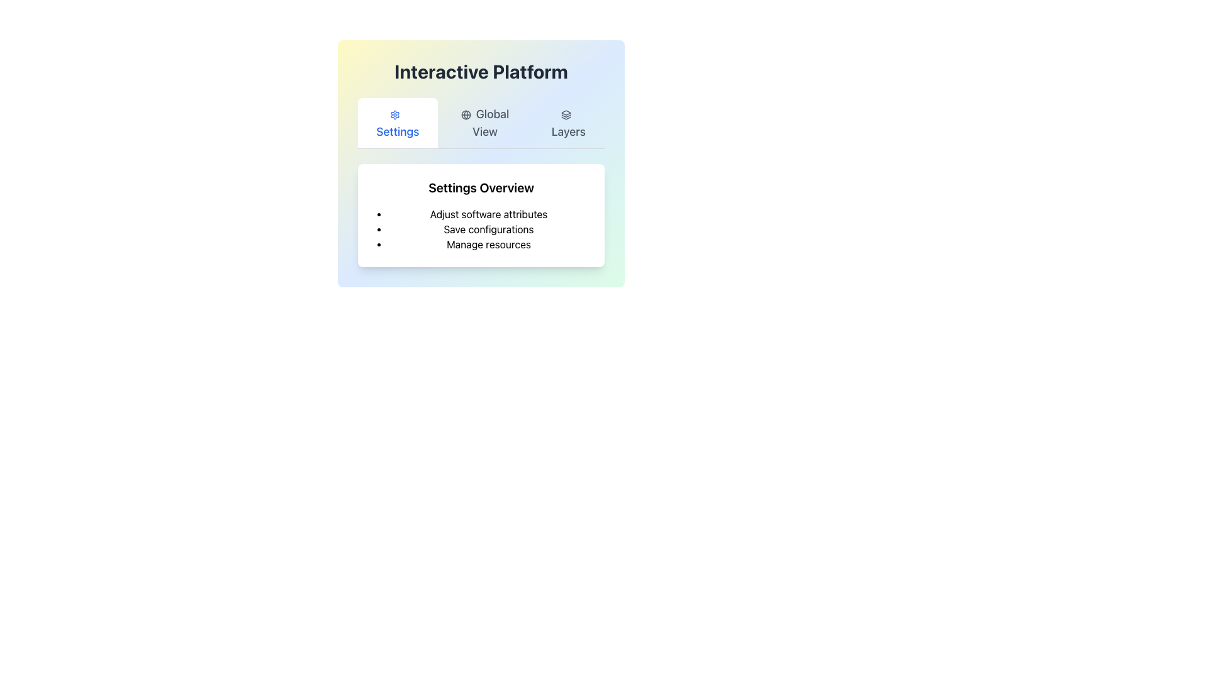 The width and height of the screenshot is (1208, 679). What do you see at coordinates (480, 123) in the screenshot?
I see `the second navigation tab labeled 'Global View'` at bounding box center [480, 123].